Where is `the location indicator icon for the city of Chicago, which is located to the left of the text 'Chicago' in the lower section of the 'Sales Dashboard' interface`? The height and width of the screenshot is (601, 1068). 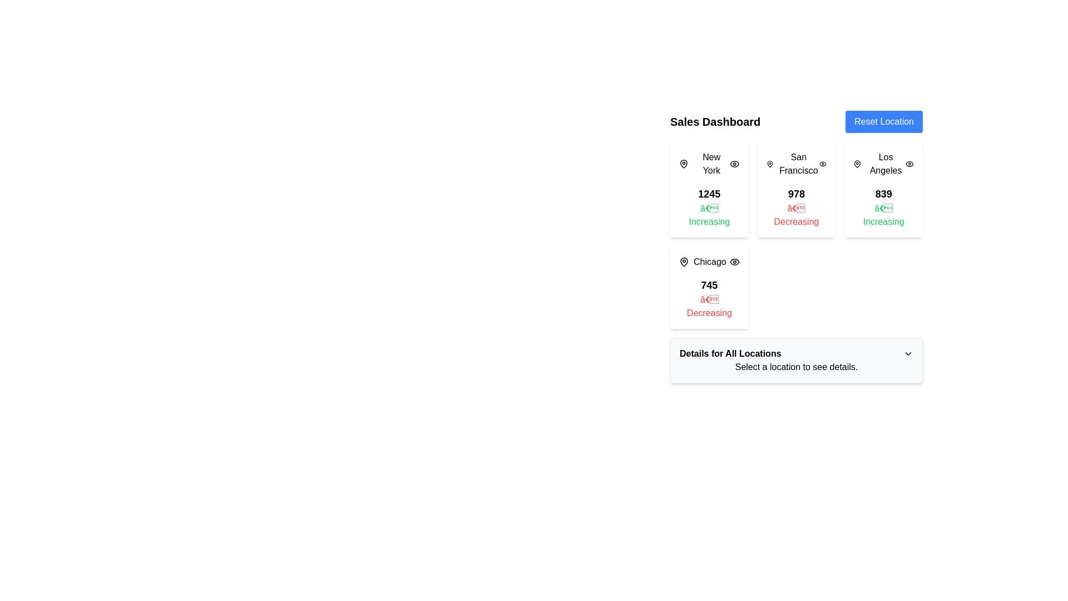
the location indicator icon for the city of Chicago, which is located to the left of the text 'Chicago' in the lower section of the 'Sales Dashboard' interface is located at coordinates (683, 262).